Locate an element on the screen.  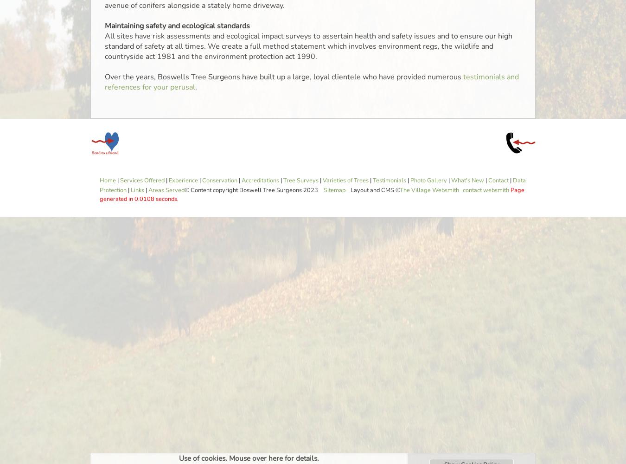
'Data Protection' is located at coordinates (313, 185).